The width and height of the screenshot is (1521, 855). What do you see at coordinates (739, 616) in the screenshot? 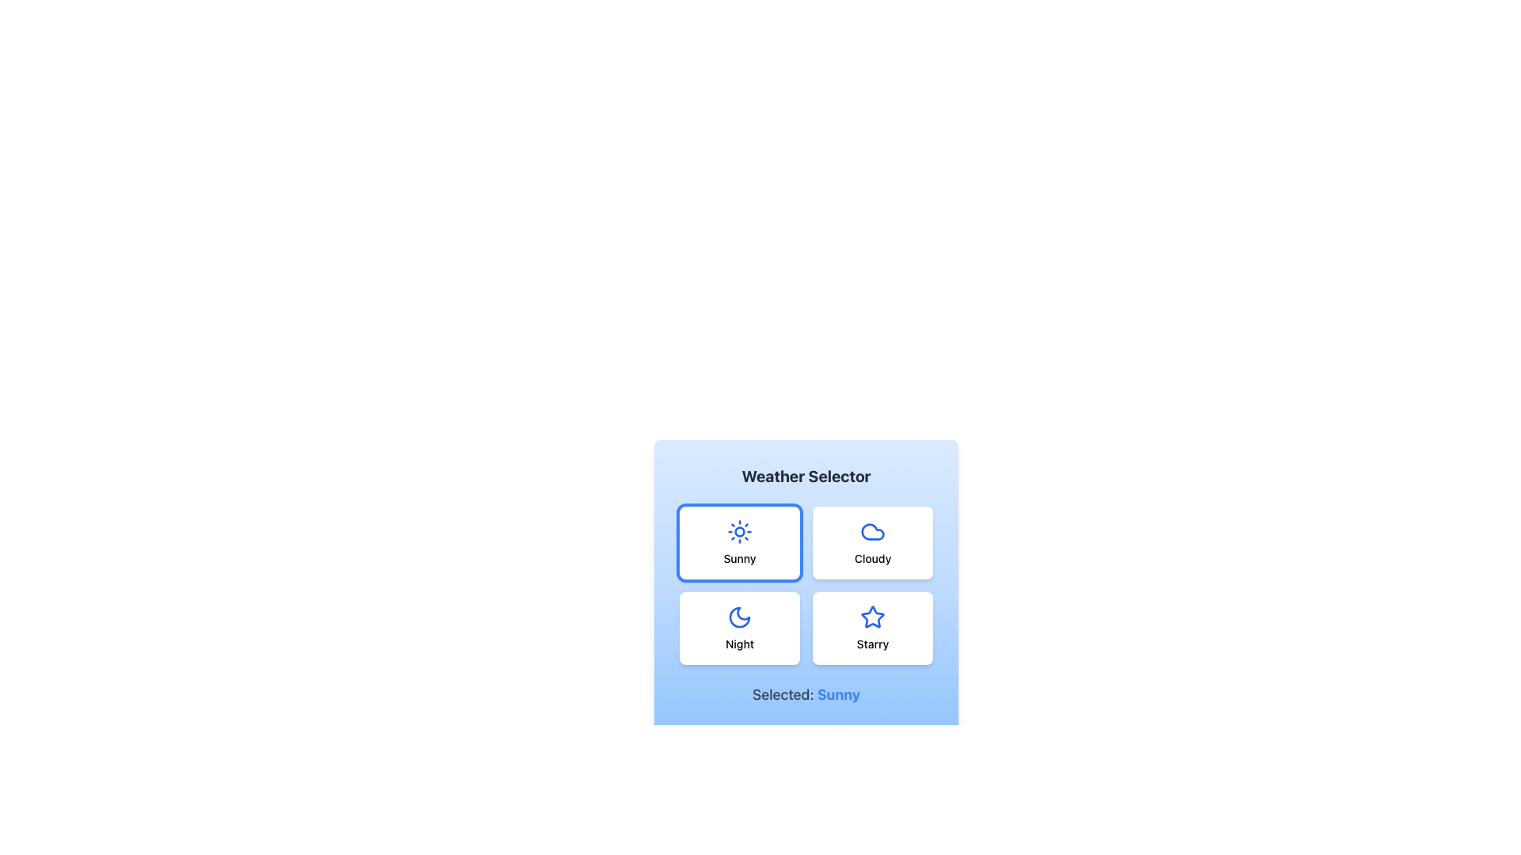
I see `the crescent moon icon indicating the 'Night' weather option in the selector interface` at bounding box center [739, 616].